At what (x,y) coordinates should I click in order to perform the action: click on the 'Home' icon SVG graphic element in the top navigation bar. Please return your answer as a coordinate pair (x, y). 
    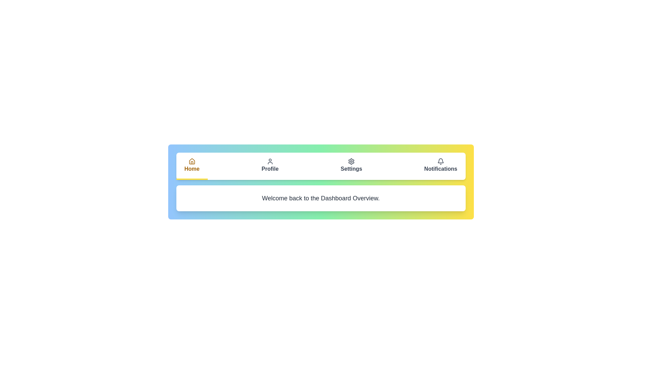
    Looking at the image, I should click on (191, 162).